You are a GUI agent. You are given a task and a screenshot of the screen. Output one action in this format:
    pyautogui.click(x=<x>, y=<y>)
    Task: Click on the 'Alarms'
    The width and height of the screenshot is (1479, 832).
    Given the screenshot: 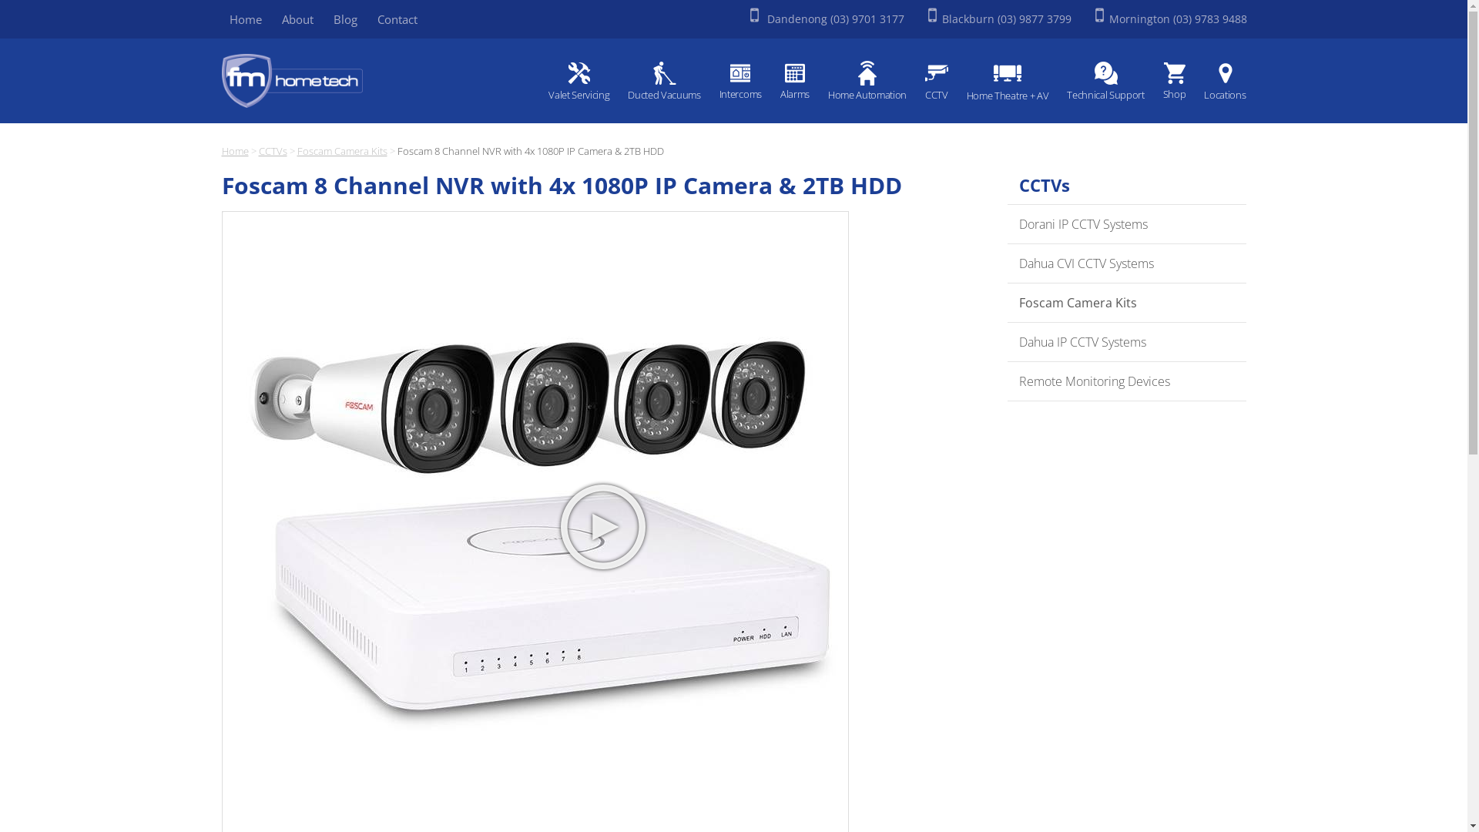 What is the action you would take?
    pyautogui.click(x=773, y=82)
    